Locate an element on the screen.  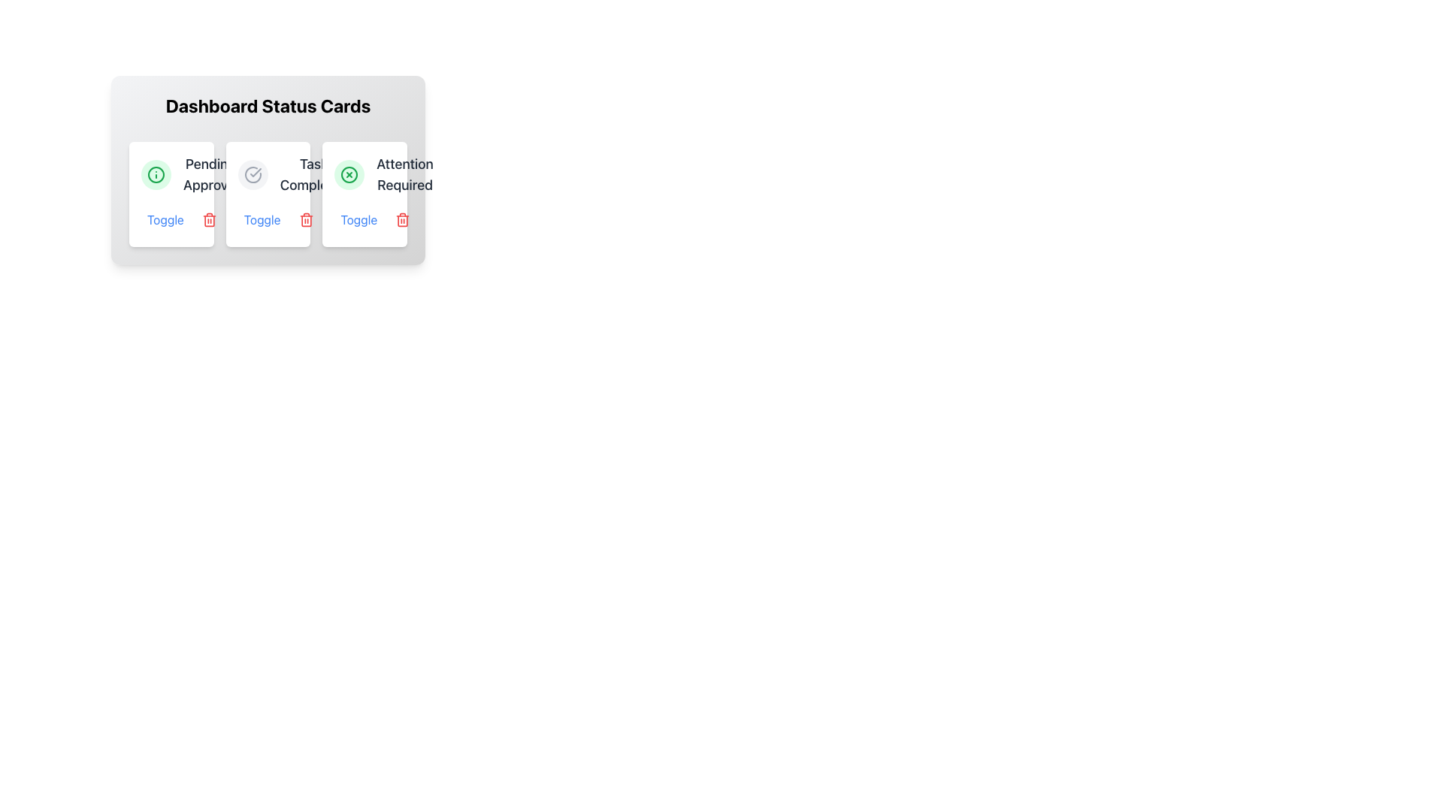
the alert icon that indicates the attention status of the last card in the dashboard, positioned to the left of the 'Attention Required' text is located at coordinates (349, 173).